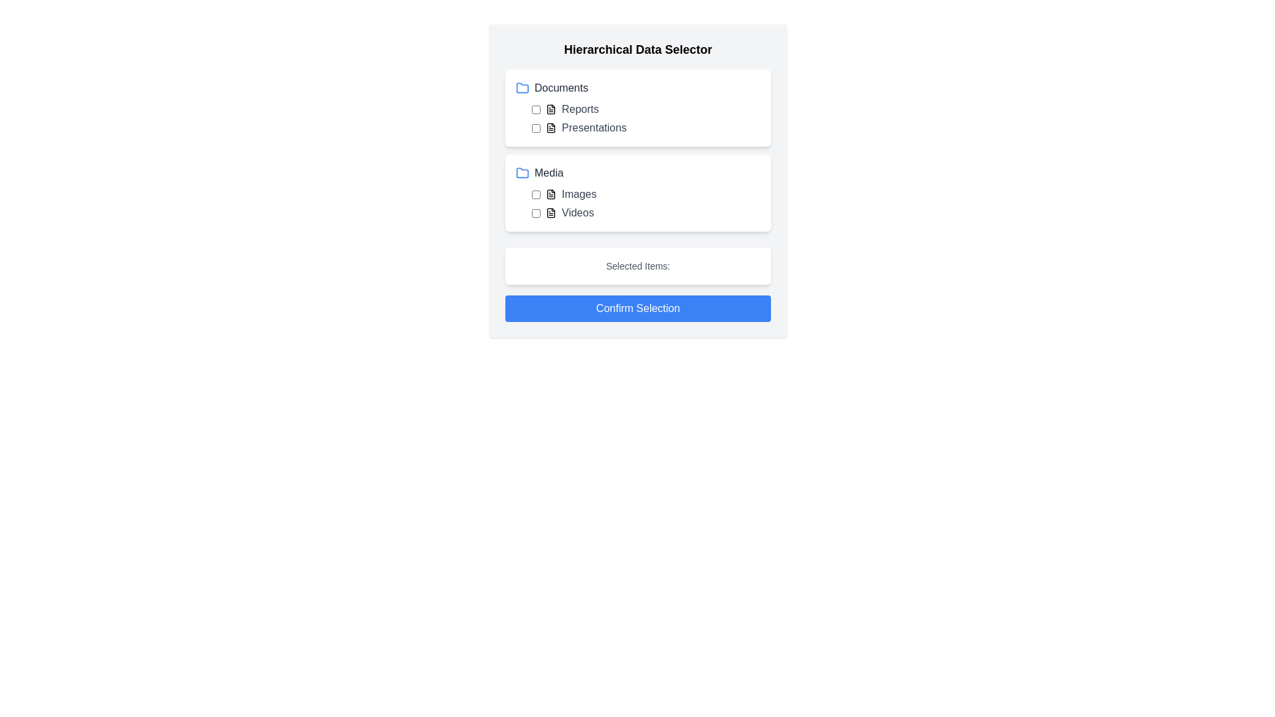  I want to click on the checkbox located to the left of the 'Videos' label in the 'Media' grouping, so click(536, 212).